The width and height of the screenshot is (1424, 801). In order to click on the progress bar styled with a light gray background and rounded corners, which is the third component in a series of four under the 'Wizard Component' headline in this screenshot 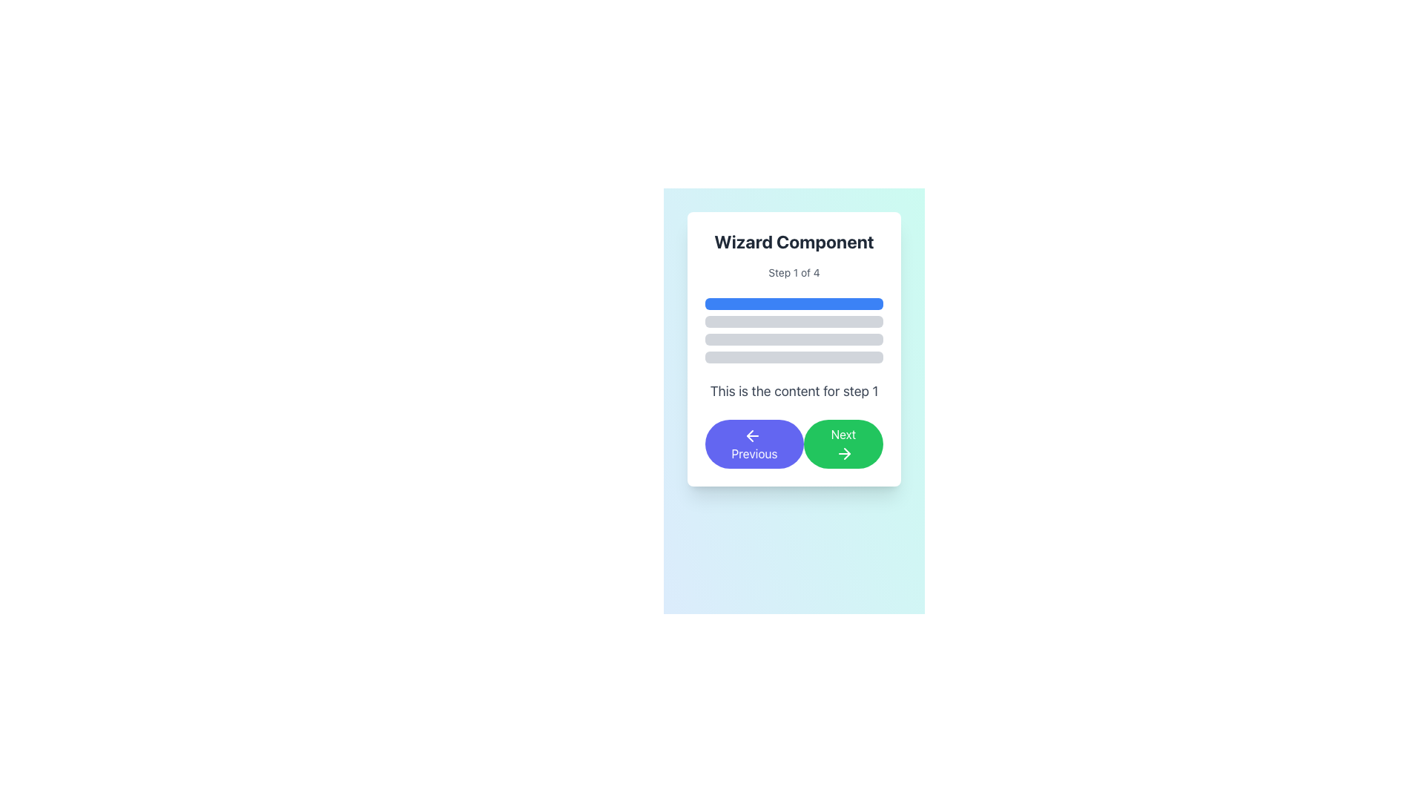, I will do `click(793, 340)`.